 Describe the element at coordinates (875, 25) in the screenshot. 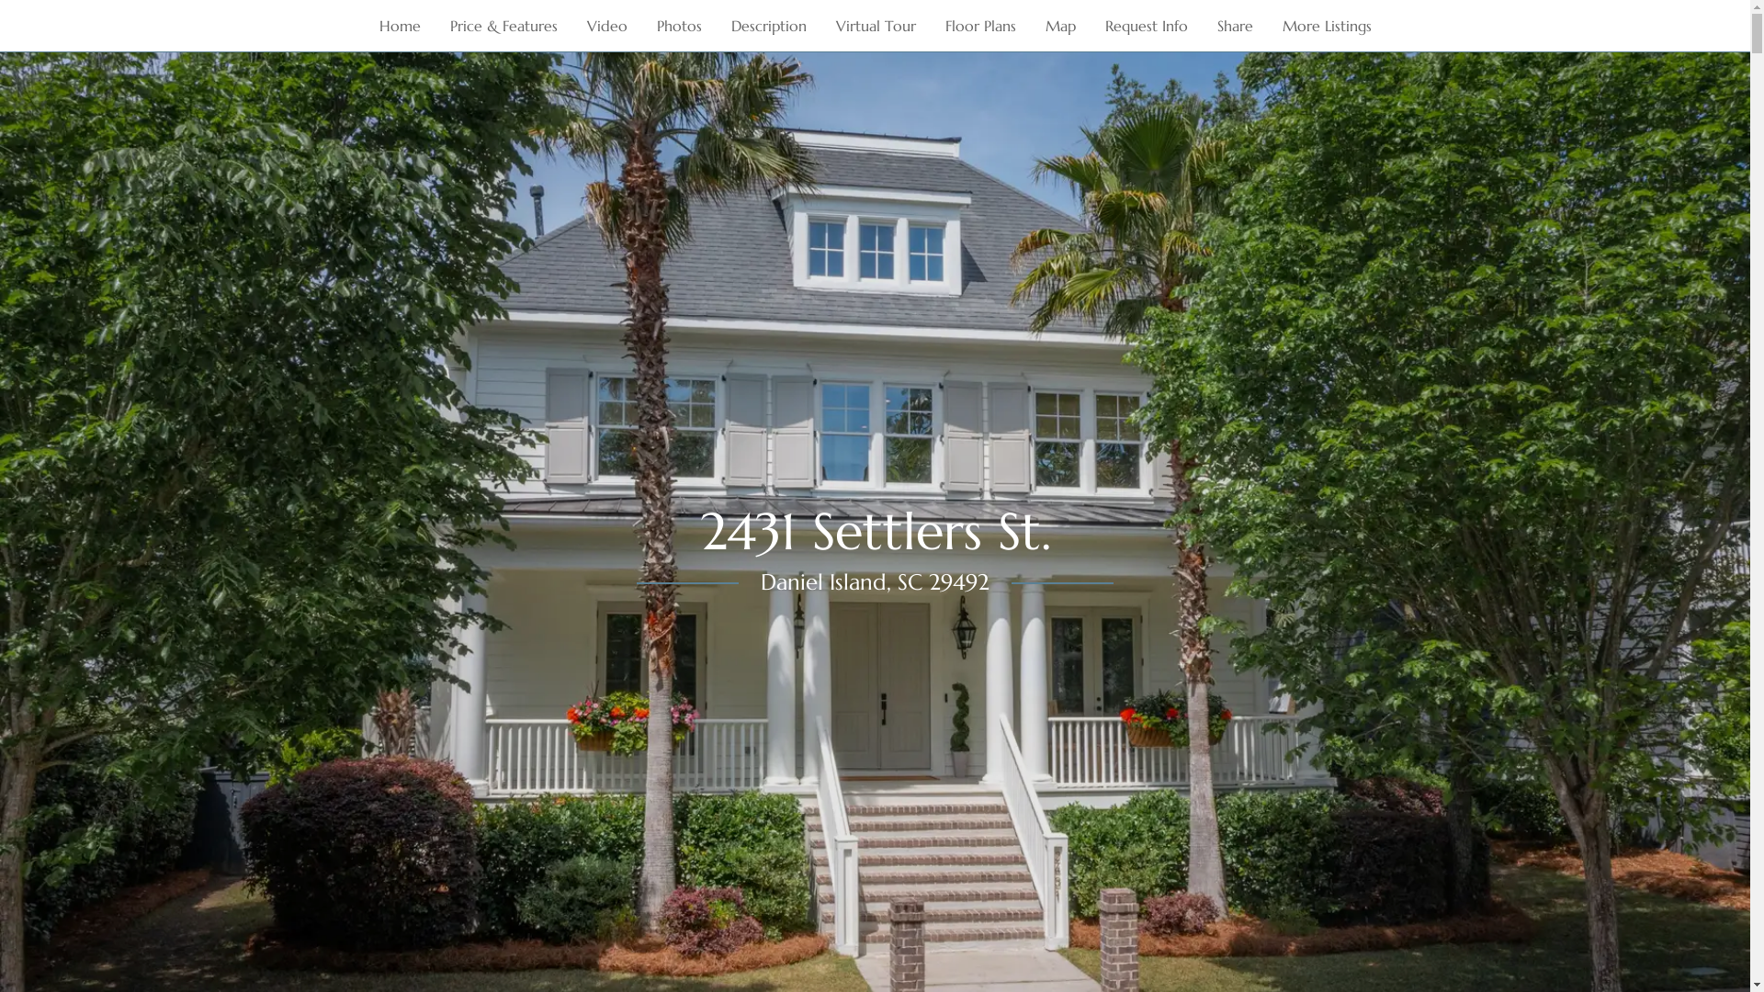

I see `'Virtual Tour'` at that location.